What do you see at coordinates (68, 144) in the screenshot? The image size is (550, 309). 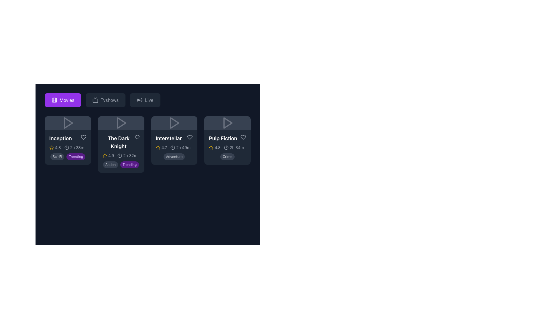 I see `the 'Sci-Fi' and 'Trending' tags at the bottom of the Inception movie card for filtering or categorization` at bounding box center [68, 144].